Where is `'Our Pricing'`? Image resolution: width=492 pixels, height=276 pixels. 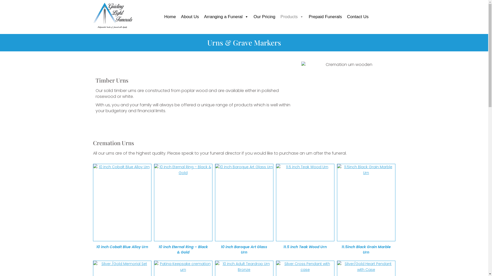
'Our Pricing' is located at coordinates (264, 16).